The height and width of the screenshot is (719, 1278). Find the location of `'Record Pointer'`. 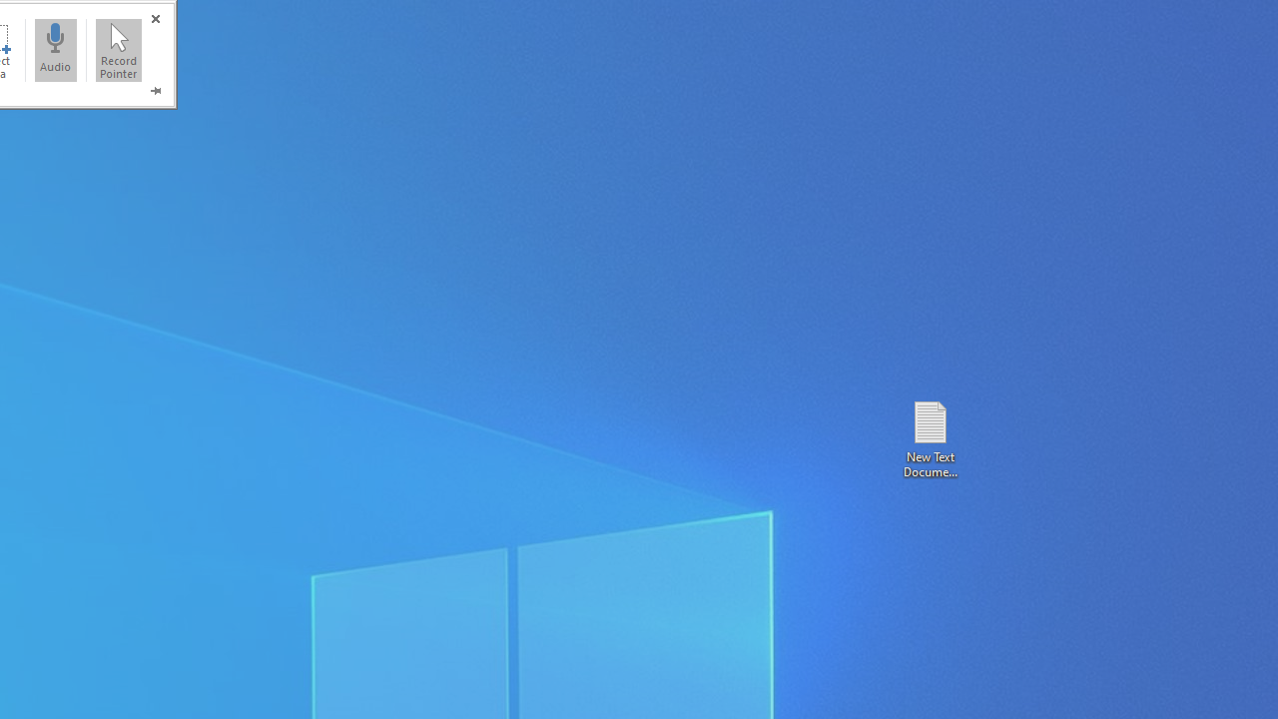

'Record Pointer' is located at coordinates (118, 49).